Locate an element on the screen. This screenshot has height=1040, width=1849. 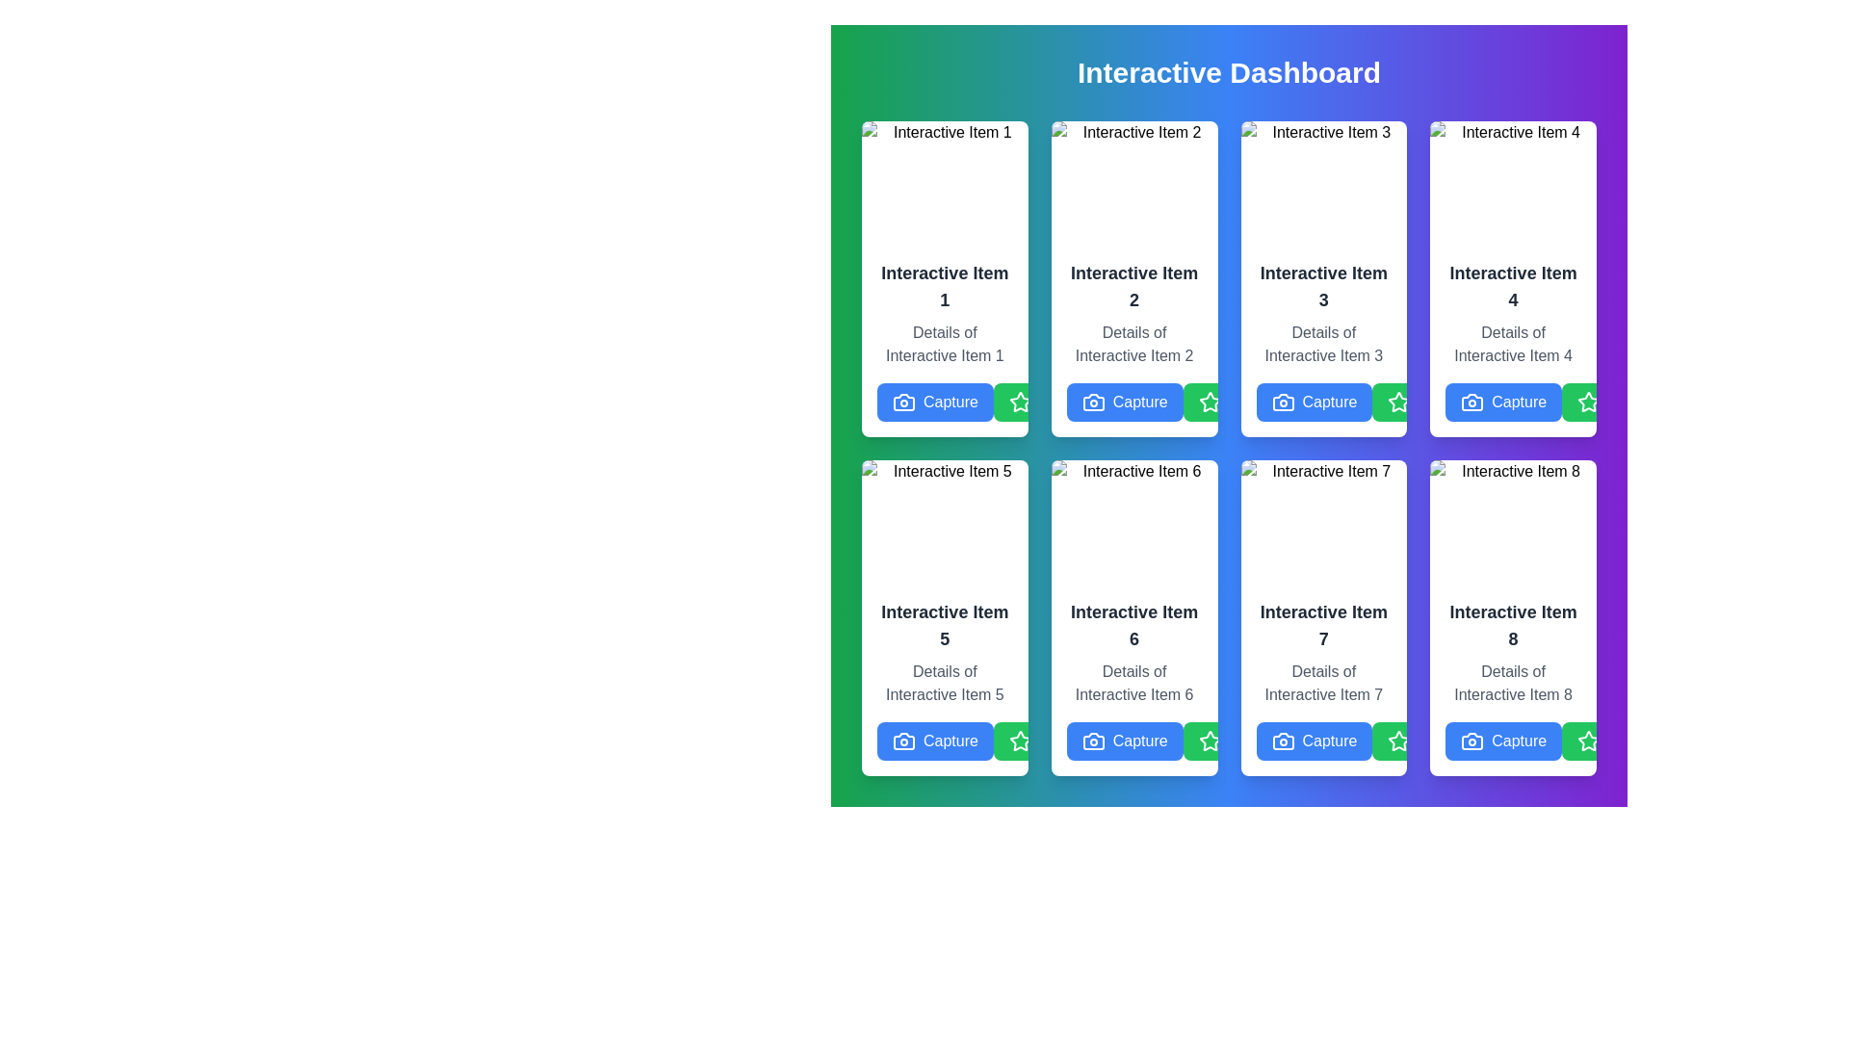
the star-shaped interactive icon located at the bottom-right corner of 'Interactive Item 5' to mark or unmark the item as favorite is located at coordinates (1019, 740).